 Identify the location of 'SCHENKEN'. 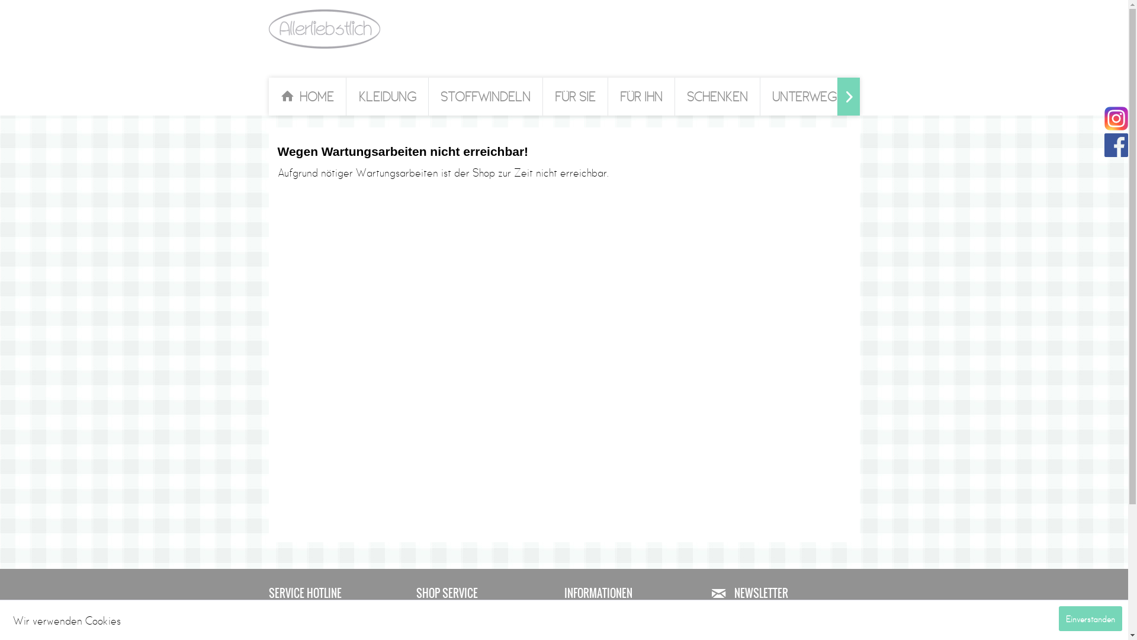
(717, 95).